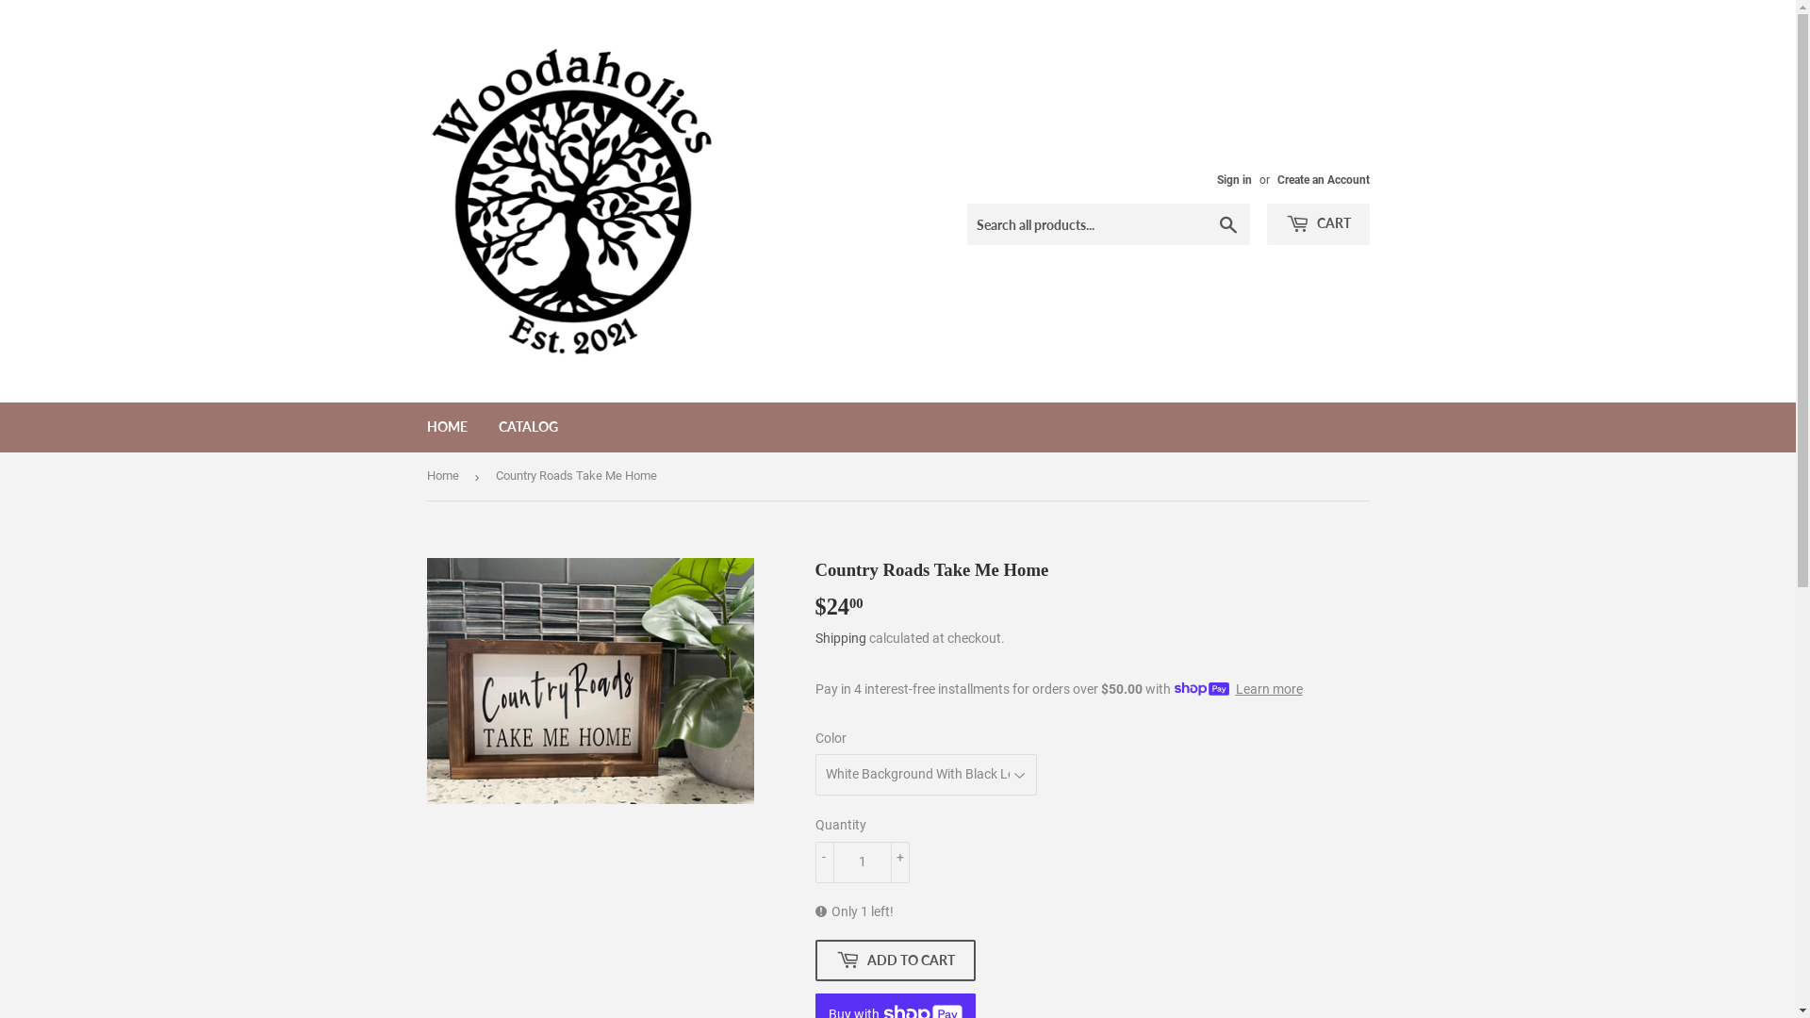 This screenshot has width=1810, height=1018. Describe the element at coordinates (839, 637) in the screenshot. I see `'Shipping'` at that location.